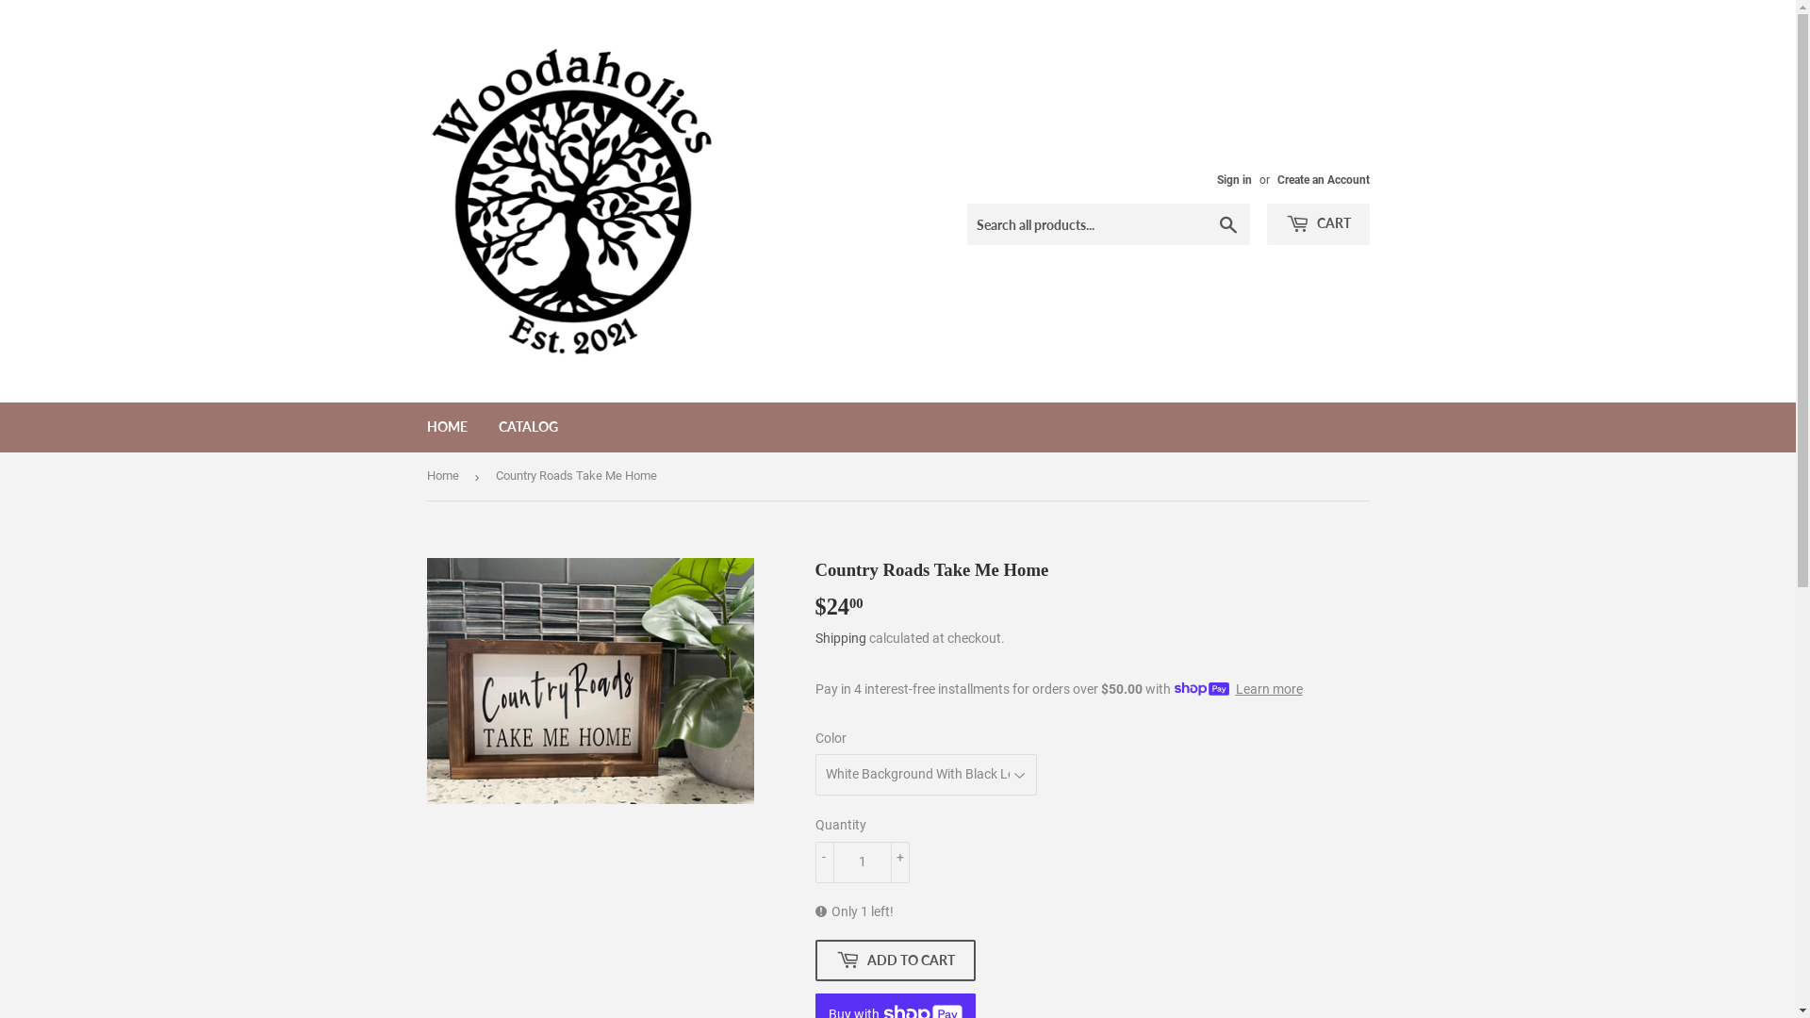 This screenshot has width=1810, height=1018. Describe the element at coordinates (839, 637) in the screenshot. I see `'Shipping'` at that location.